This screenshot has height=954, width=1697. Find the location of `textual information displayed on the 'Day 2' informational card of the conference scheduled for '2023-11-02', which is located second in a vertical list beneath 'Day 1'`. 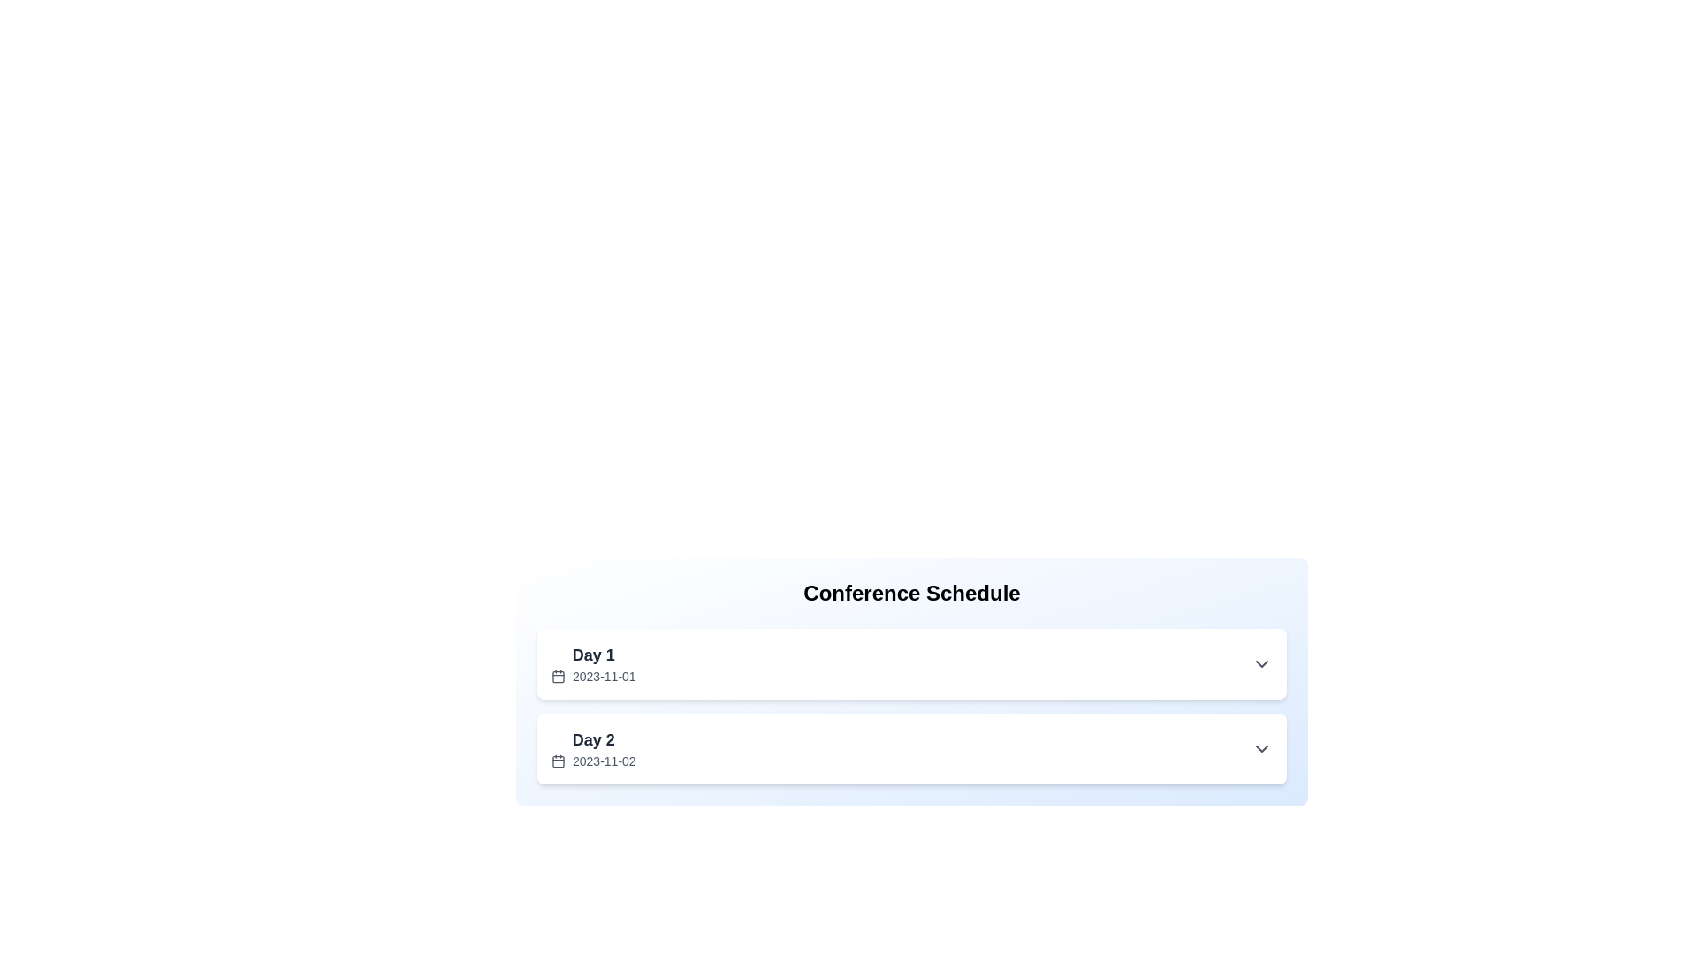

textual information displayed on the 'Day 2' informational card of the conference scheduled for '2023-11-02', which is located second in a vertical list beneath 'Day 1' is located at coordinates (912, 749).